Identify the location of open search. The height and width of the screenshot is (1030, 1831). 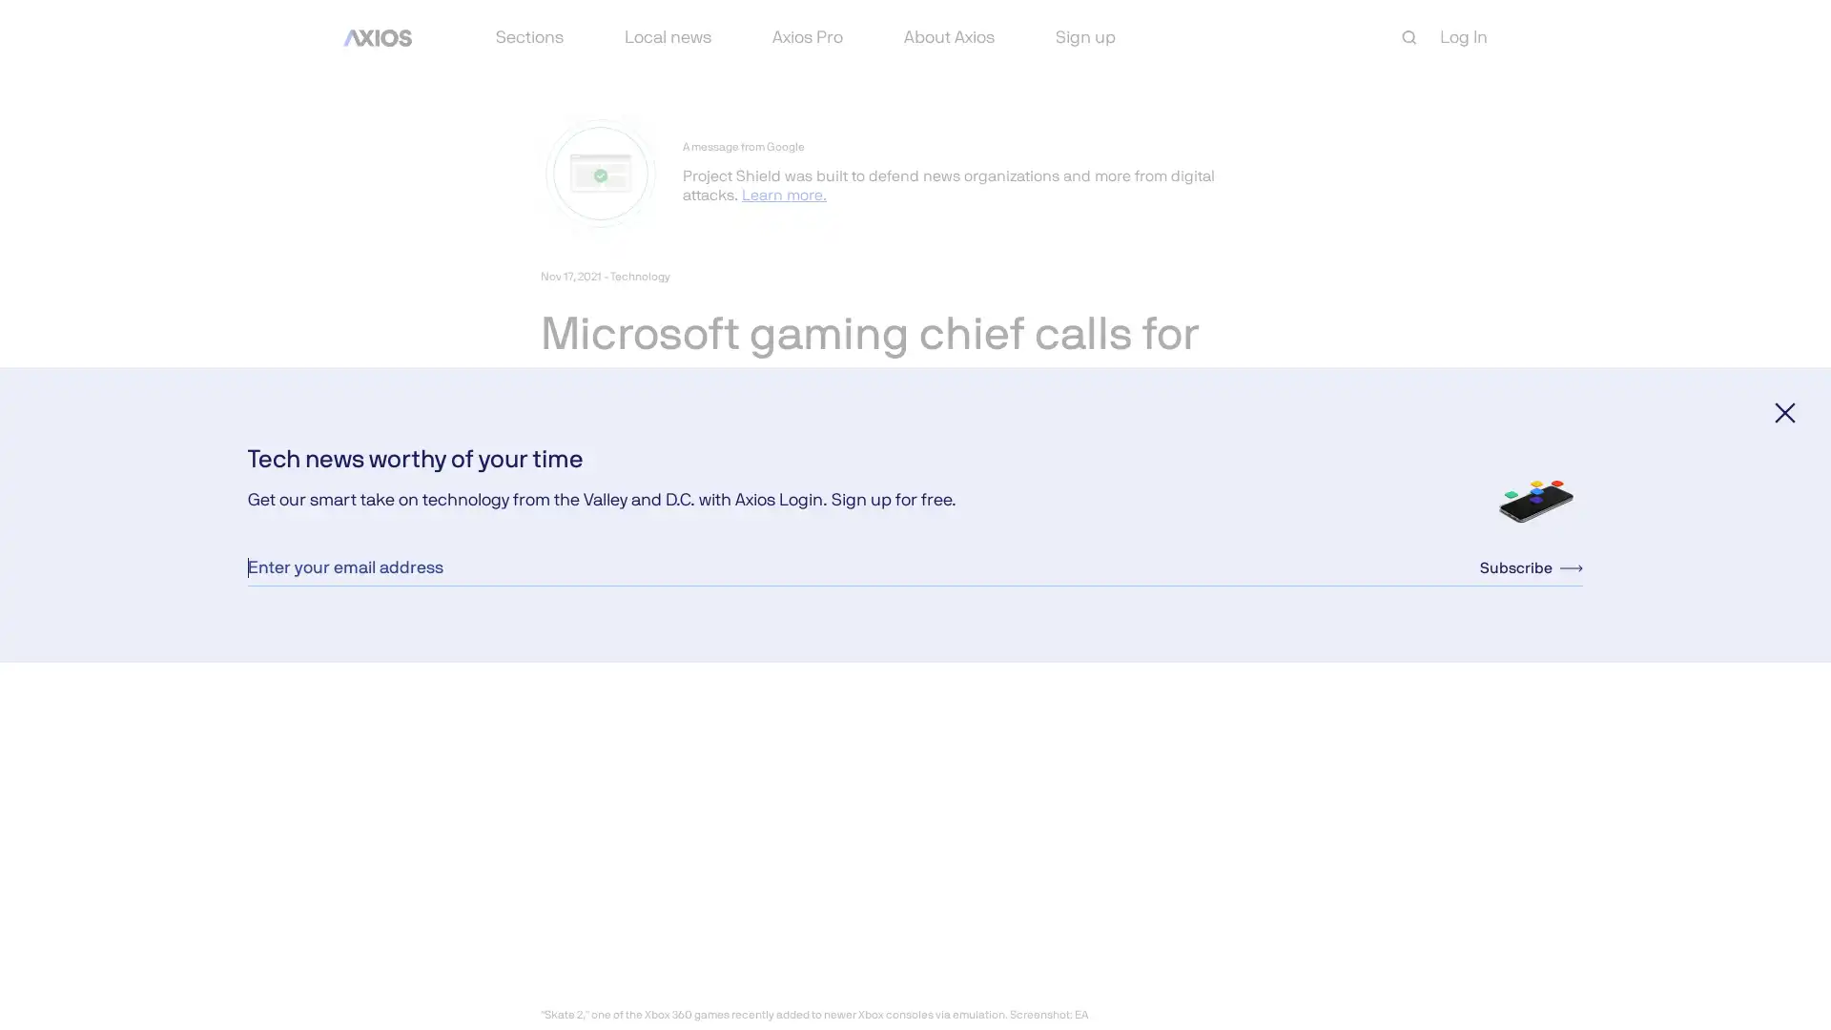
(1409, 37).